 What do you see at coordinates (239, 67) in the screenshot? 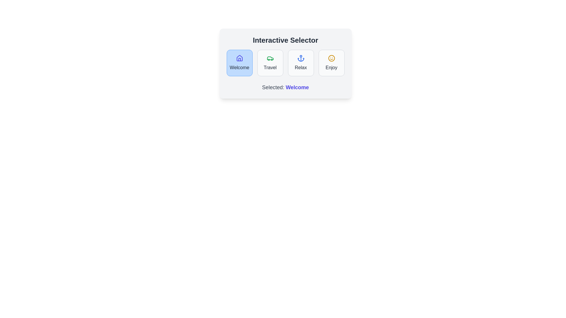
I see `the 'Welcome' text label, which is styled in medium-weight gray font and located below a blue-highlighted house icon in the Interactive Selector panel` at bounding box center [239, 67].